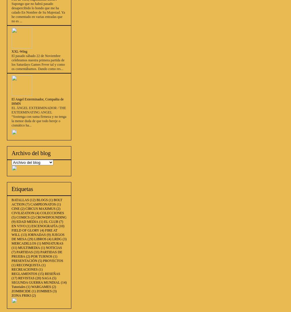 The image size is (291, 312). I want to click on 'CAMPEONATOS', so click(30, 204).